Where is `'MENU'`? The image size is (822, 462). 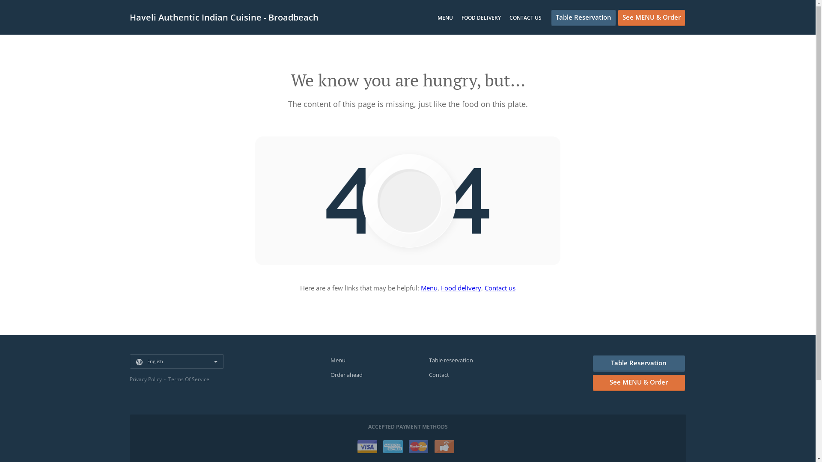 'MENU' is located at coordinates (445, 18).